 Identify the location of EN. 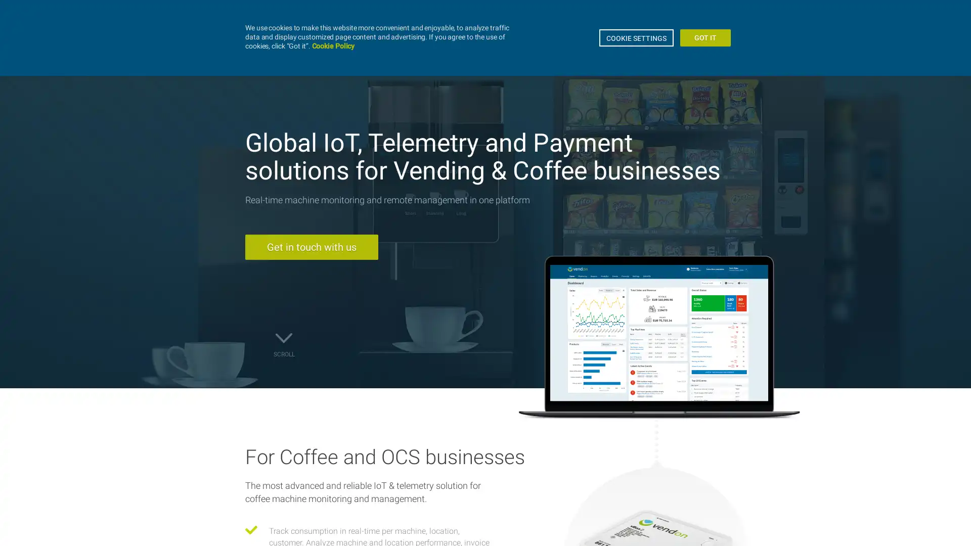
(716, 20).